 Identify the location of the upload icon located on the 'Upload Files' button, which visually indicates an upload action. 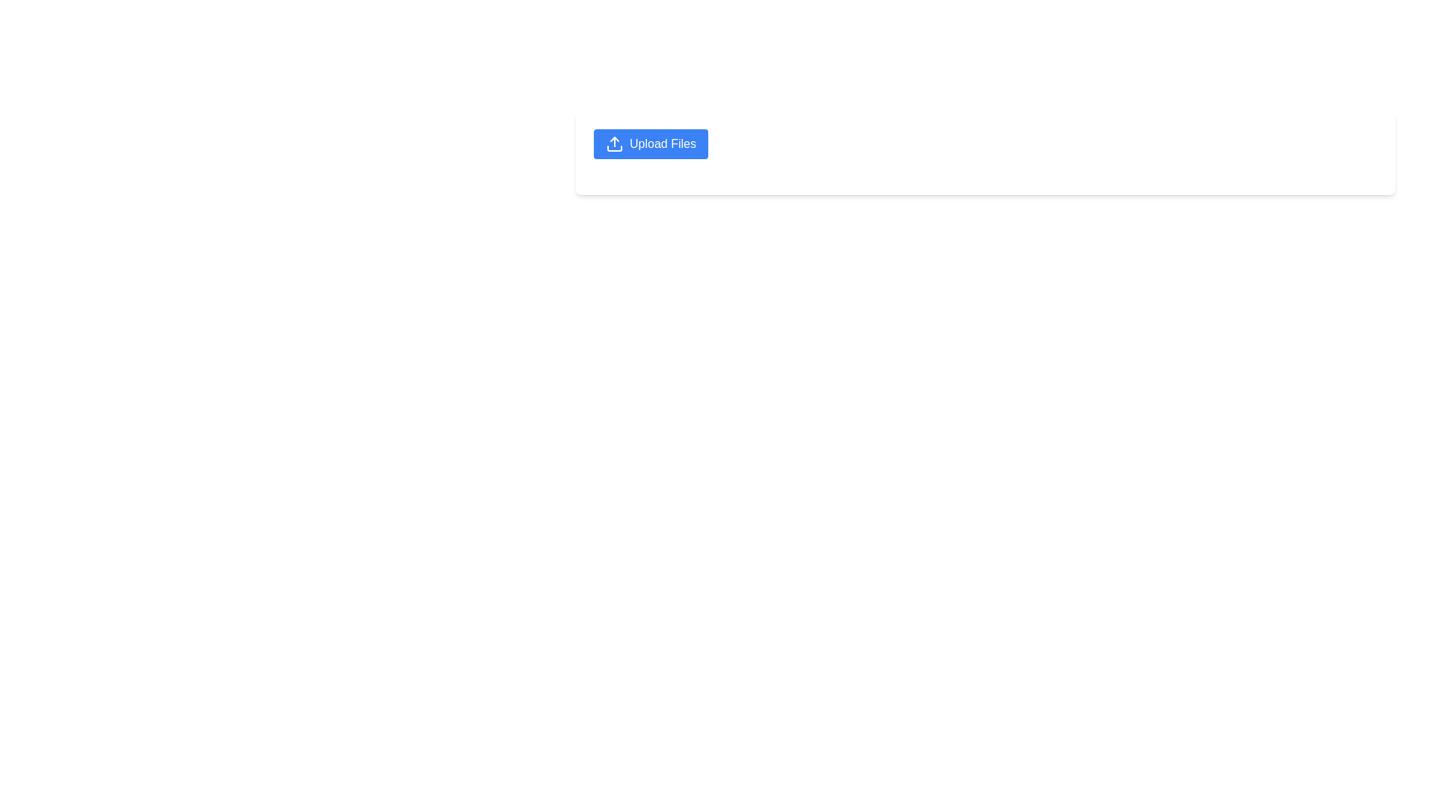
(614, 143).